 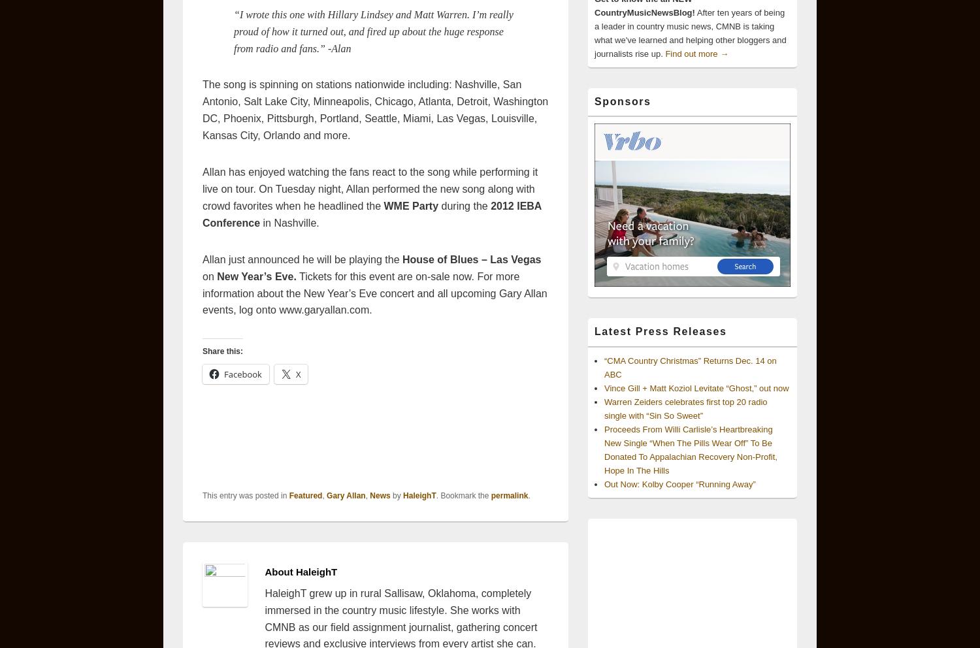 What do you see at coordinates (509, 494) in the screenshot?
I see `'permalink'` at bounding box center [509, 494].